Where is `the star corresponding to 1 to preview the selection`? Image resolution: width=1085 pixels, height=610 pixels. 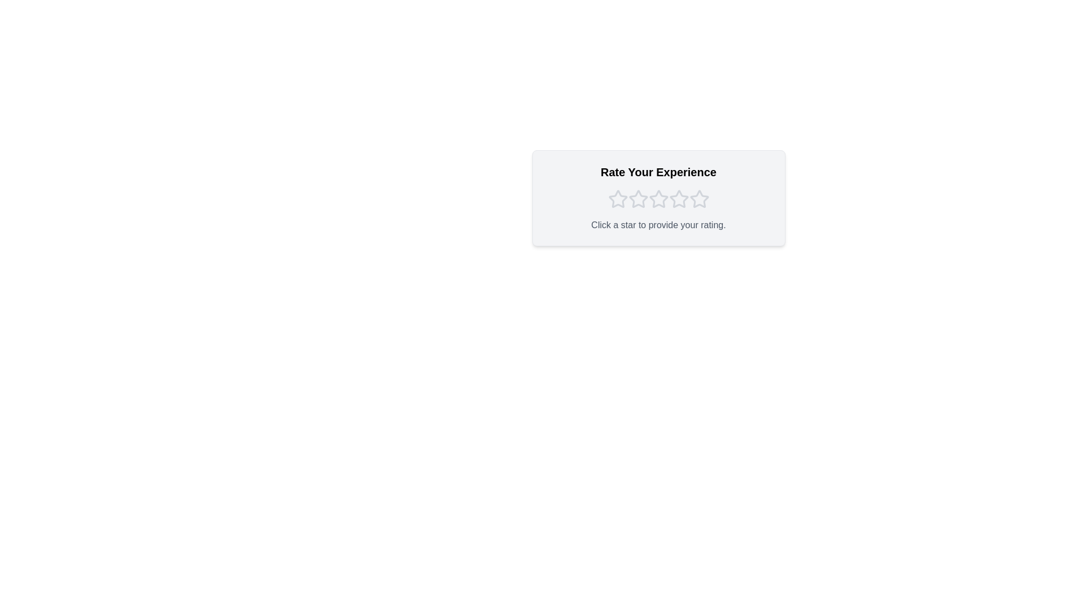
the star corresponding to 1 to preview the selection is located at coordinates (617, 199).